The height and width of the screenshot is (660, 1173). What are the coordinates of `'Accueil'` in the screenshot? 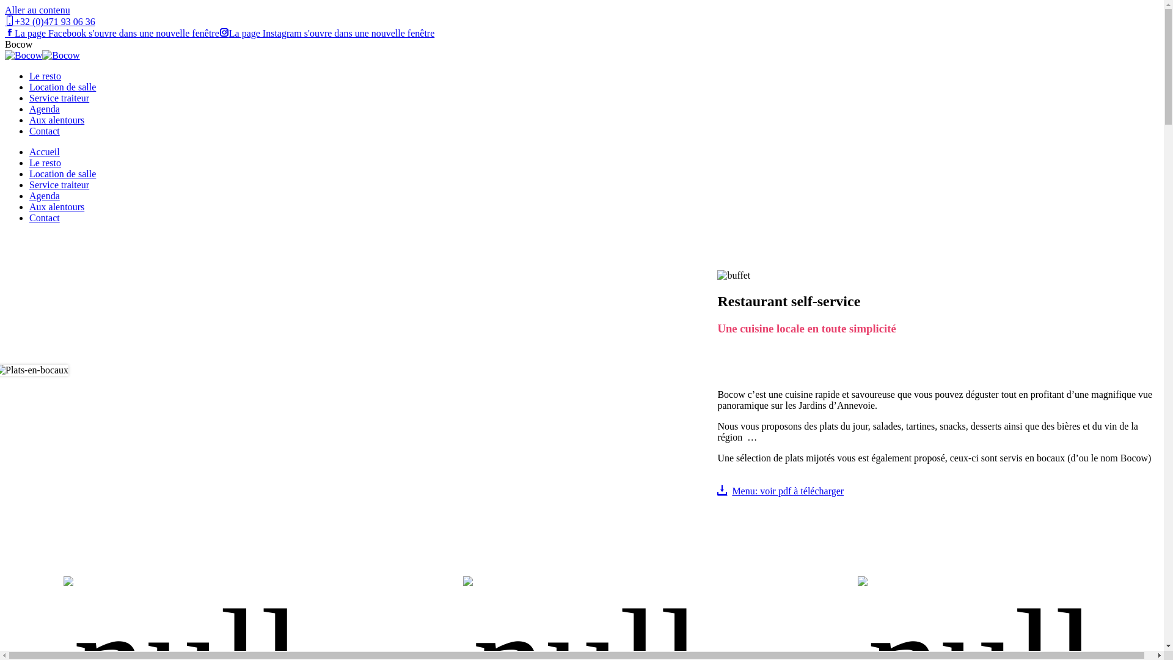 It's located at (44, 151).